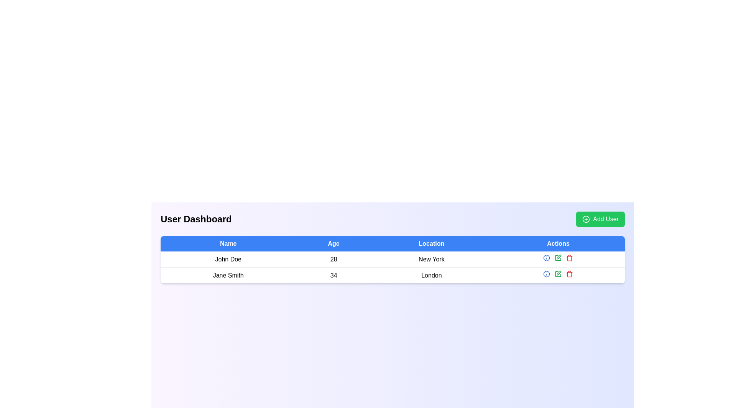 The image size is (736, 414). Describe the element at coordinates (570, 258) in the screenshot. I see `the delete button located in the last position among the action icons in the 'Actions' column of the second row in the user data table` at that location.